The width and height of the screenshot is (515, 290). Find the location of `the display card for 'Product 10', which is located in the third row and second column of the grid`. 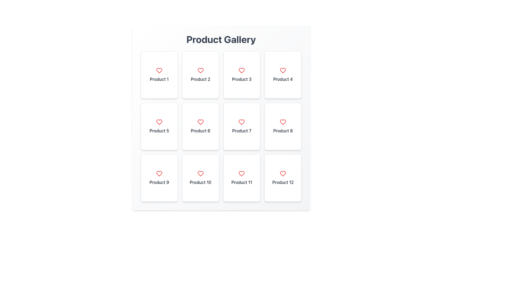

the display card for 'Product 10', which is located in the third row and second column of the grid is located at coordinates (200, 178).